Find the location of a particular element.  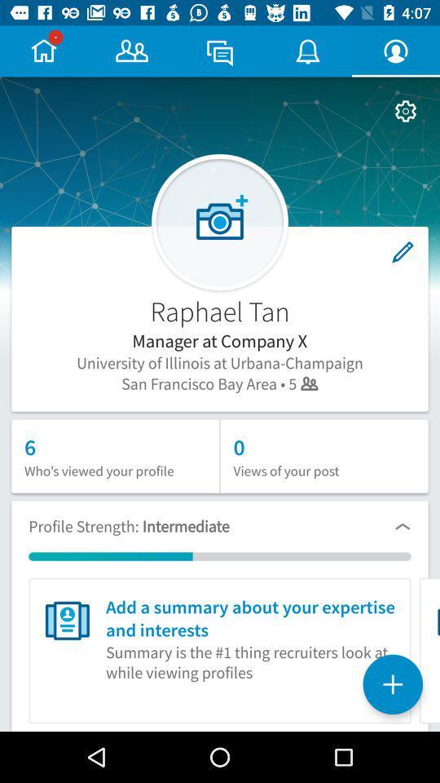

the add icon is located at coordinates (392, 684).